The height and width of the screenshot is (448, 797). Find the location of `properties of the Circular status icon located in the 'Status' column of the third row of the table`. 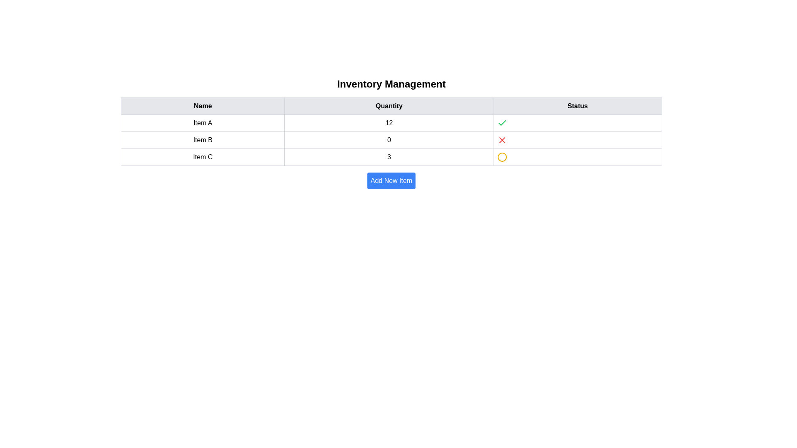

properties of the Circular status icon located in the 'Status' column of the third row of the table is located at coordinates (501, 157).